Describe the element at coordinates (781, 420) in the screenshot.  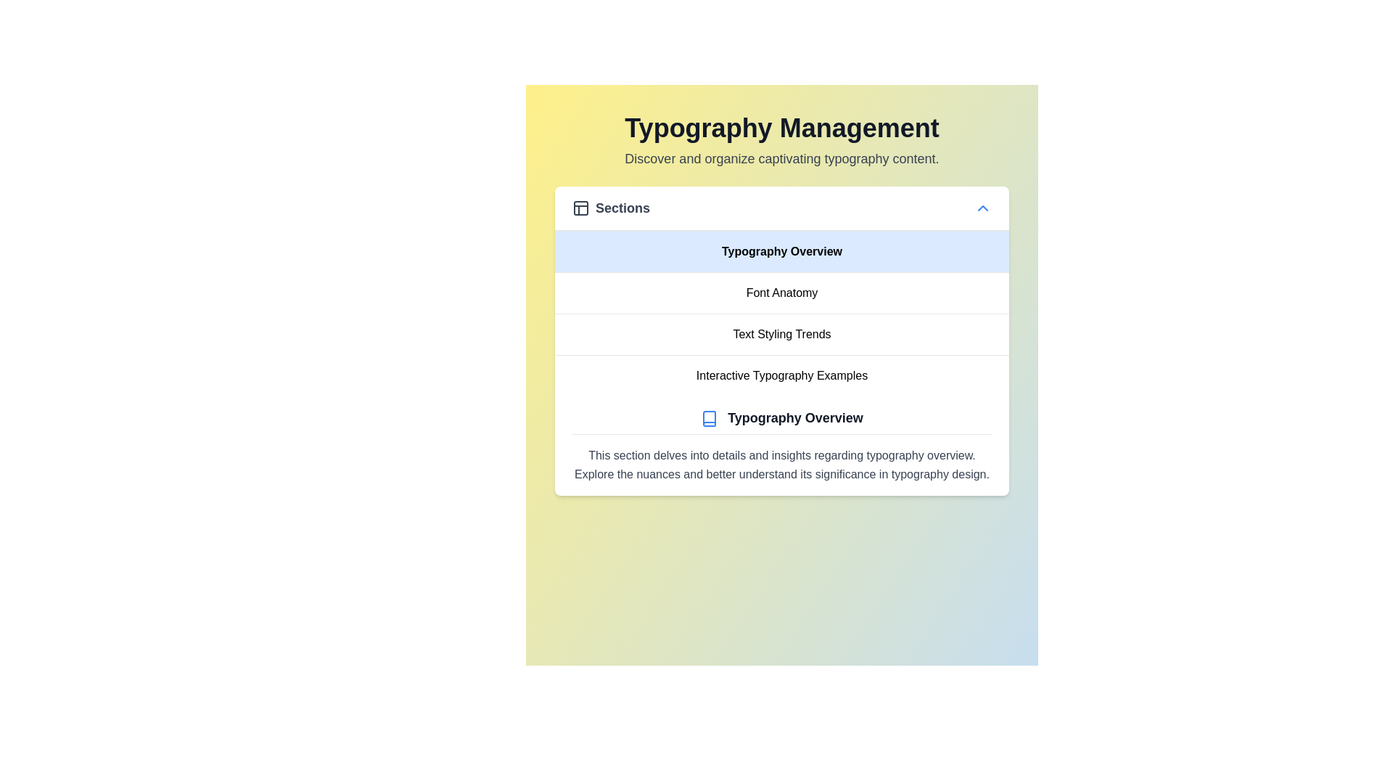
I see `the 'Typography Overview' text header, which is styled with a larger font size, bold weight, and dark gray color` at that location.